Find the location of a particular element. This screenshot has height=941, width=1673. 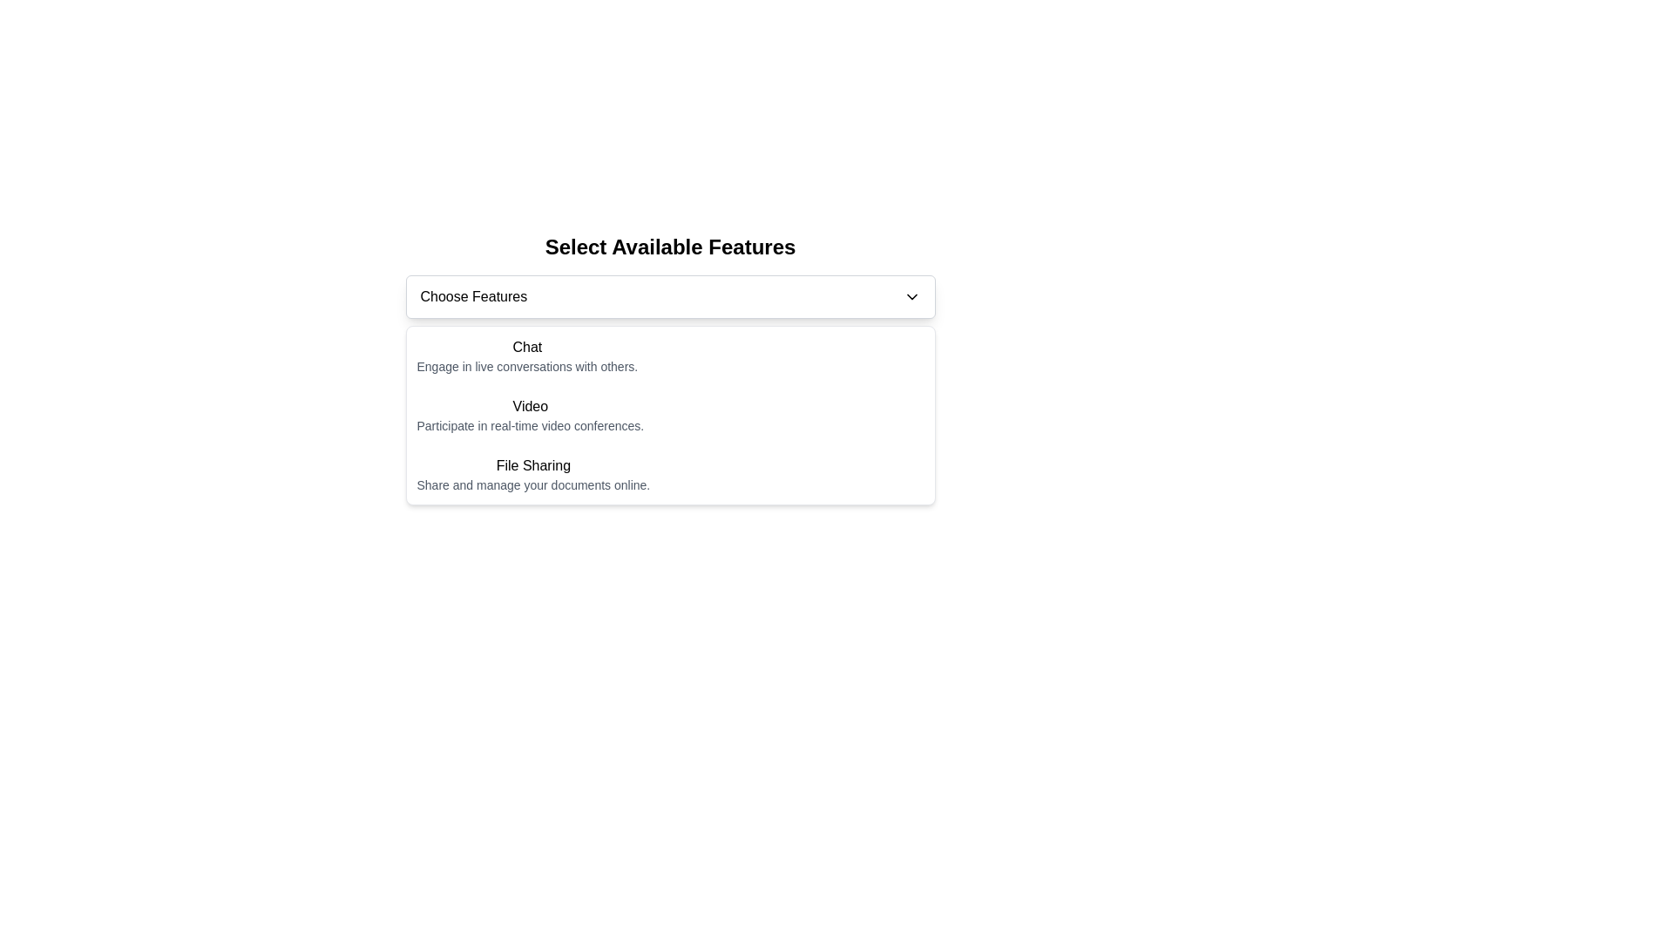

the Dropdown menu button located at the top of the 'Select Available Features' section to navigate via keyboard is located at coordinates (669, 295).